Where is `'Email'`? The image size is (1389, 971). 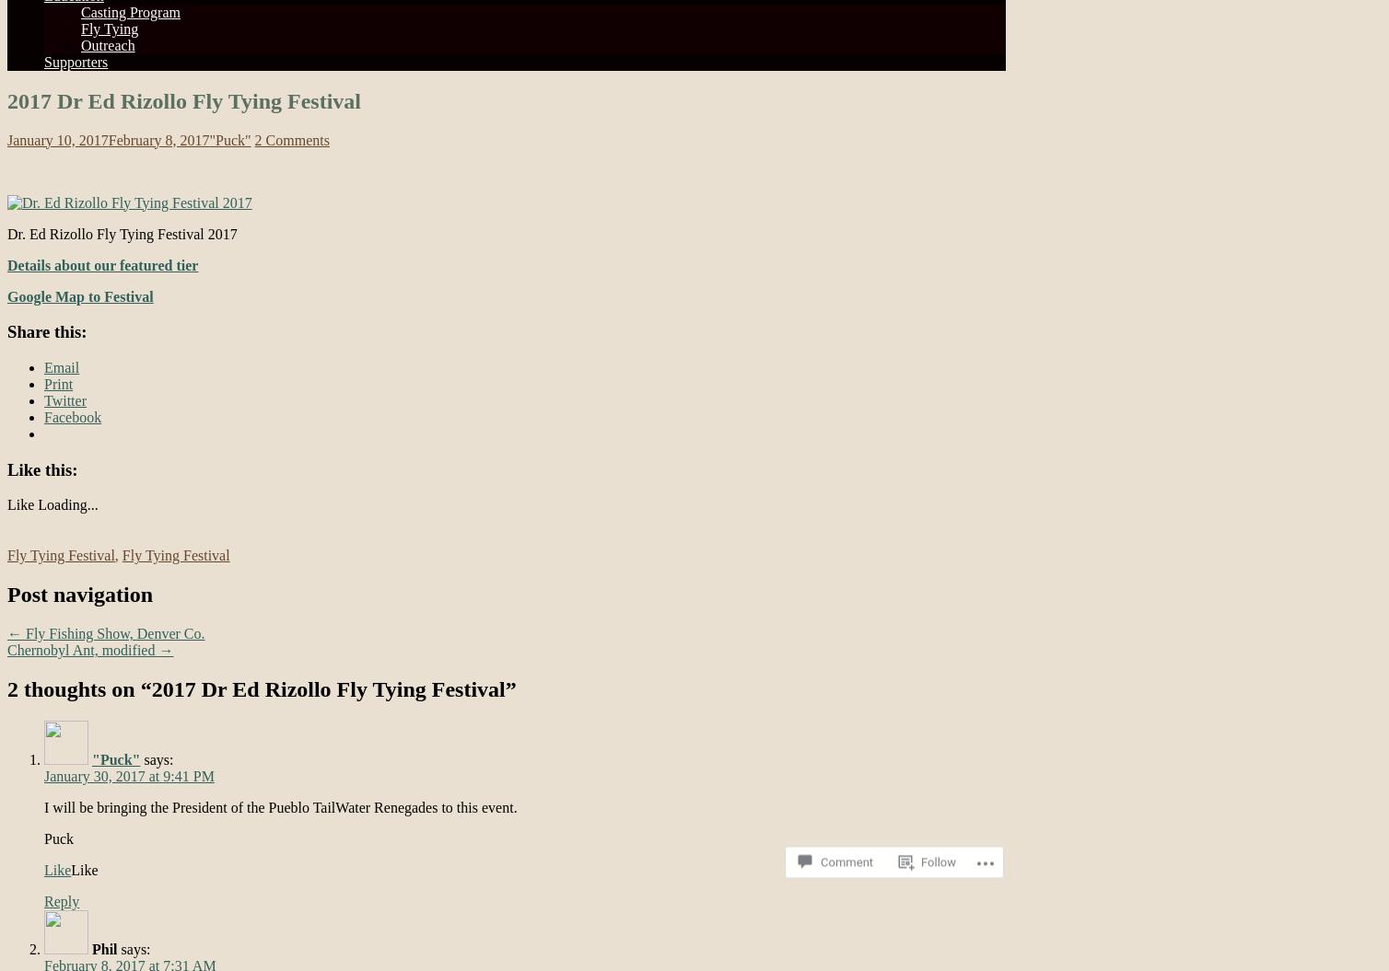
'Email' is located at coordinates (61, 366).